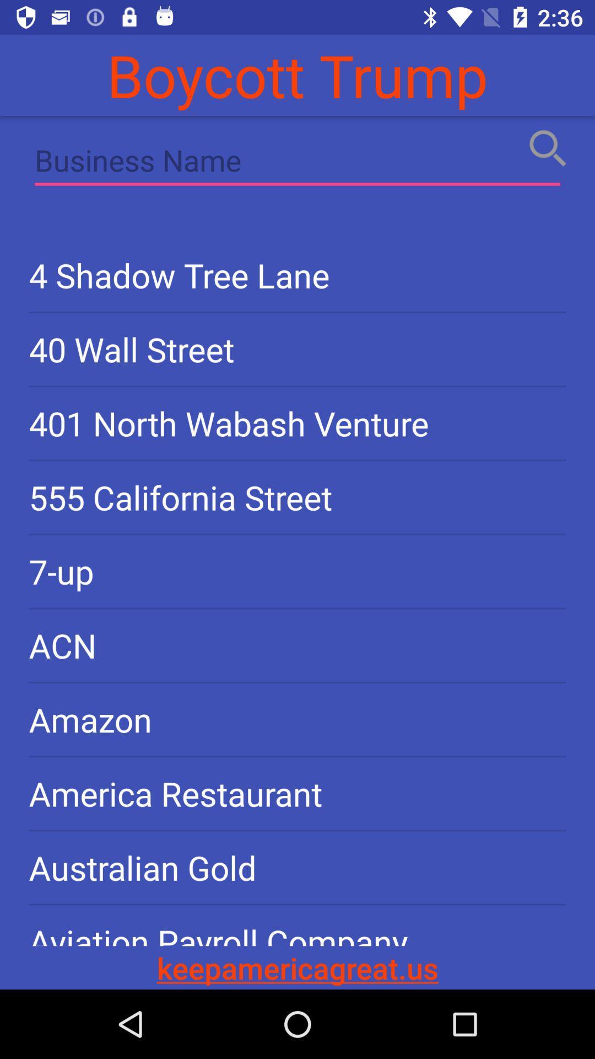 This screenshot has width=595, height=1059. What do you see at coordinates (297, 496) in the screenshot?
I see `555 california street icon` at bounding box center [297, 496].